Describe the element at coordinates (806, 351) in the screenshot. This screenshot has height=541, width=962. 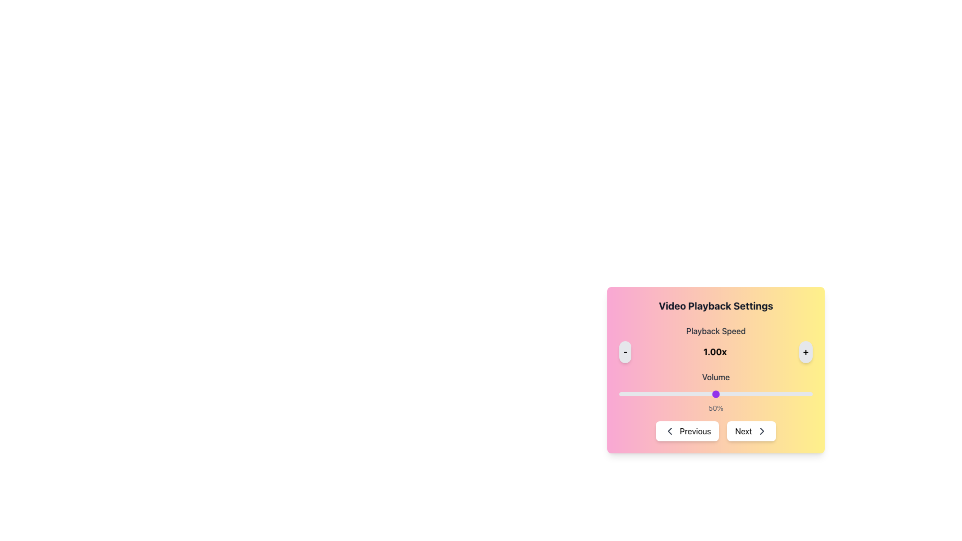
I see `the circular button with a gray background and a black plus sign ('+') to increment the playback speed` at that location.